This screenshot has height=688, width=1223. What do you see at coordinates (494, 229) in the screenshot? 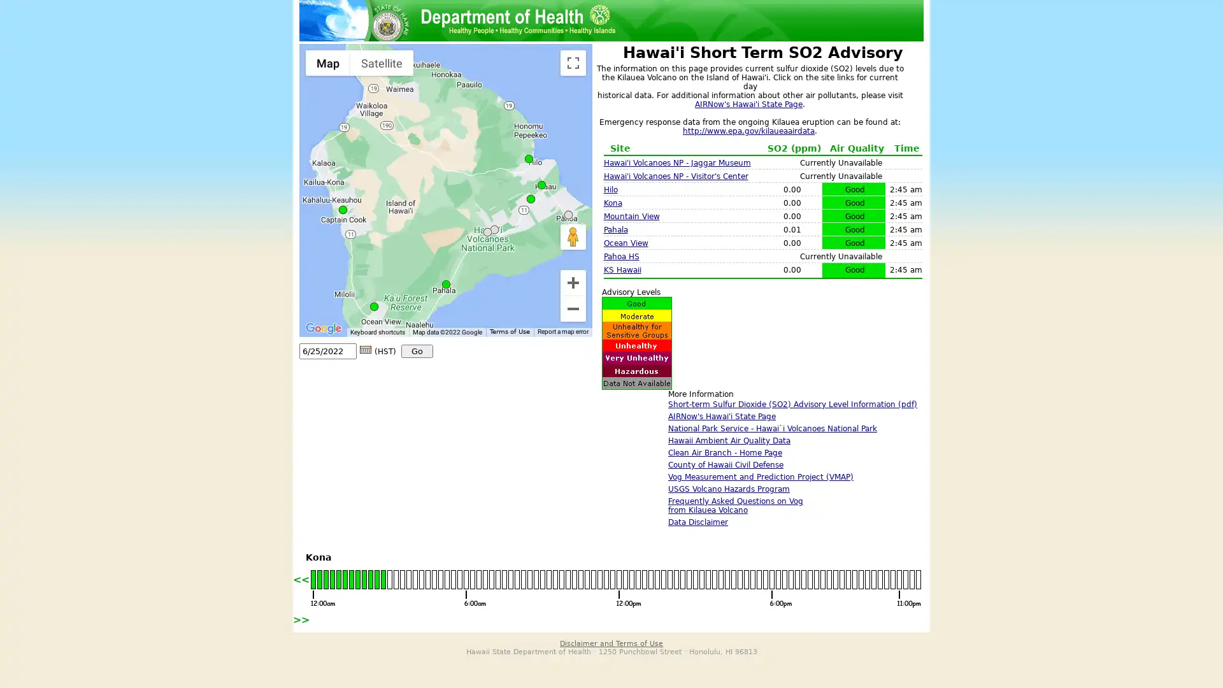
I see `Hawaii Volcanoes NP - Visitor's Center: No Data` at bounding box center [494, 229].